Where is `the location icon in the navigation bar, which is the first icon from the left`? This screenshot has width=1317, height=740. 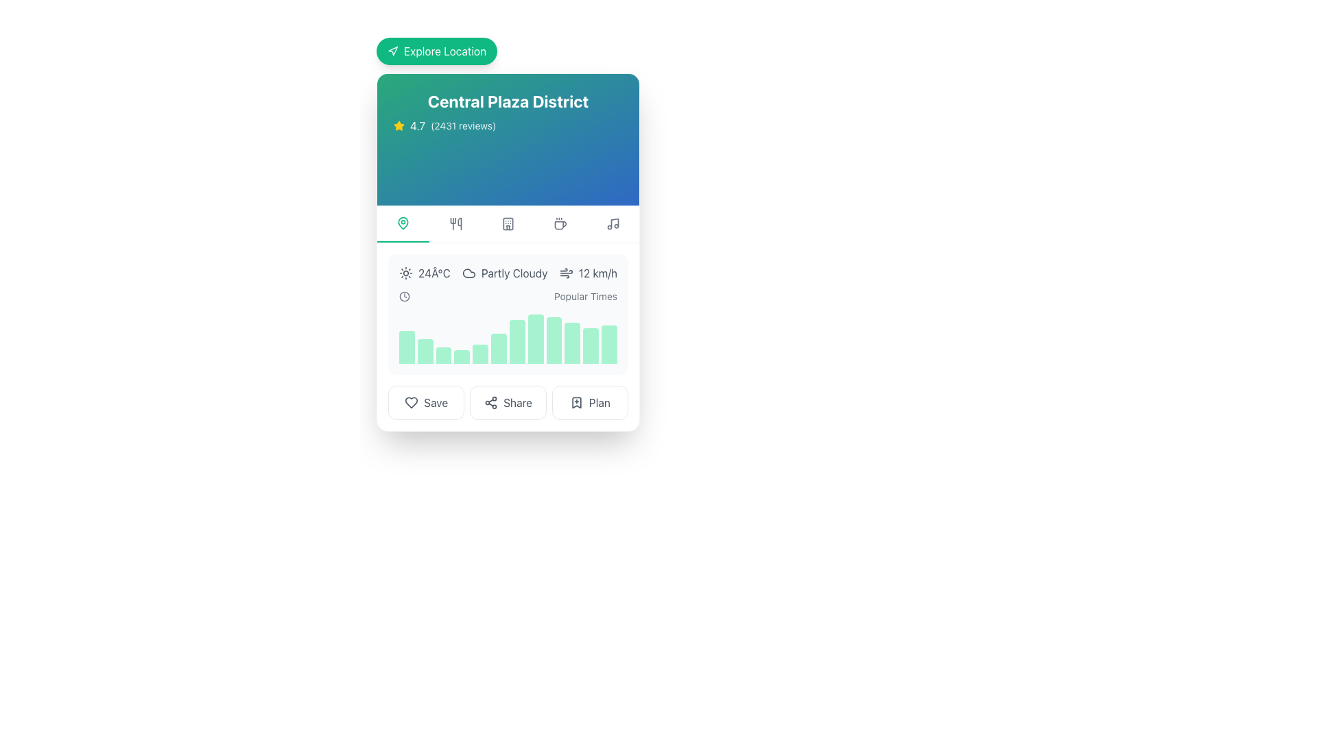
the location icon in the navigation bar, which is the first icon from the left is located at coordinates (403, 223).